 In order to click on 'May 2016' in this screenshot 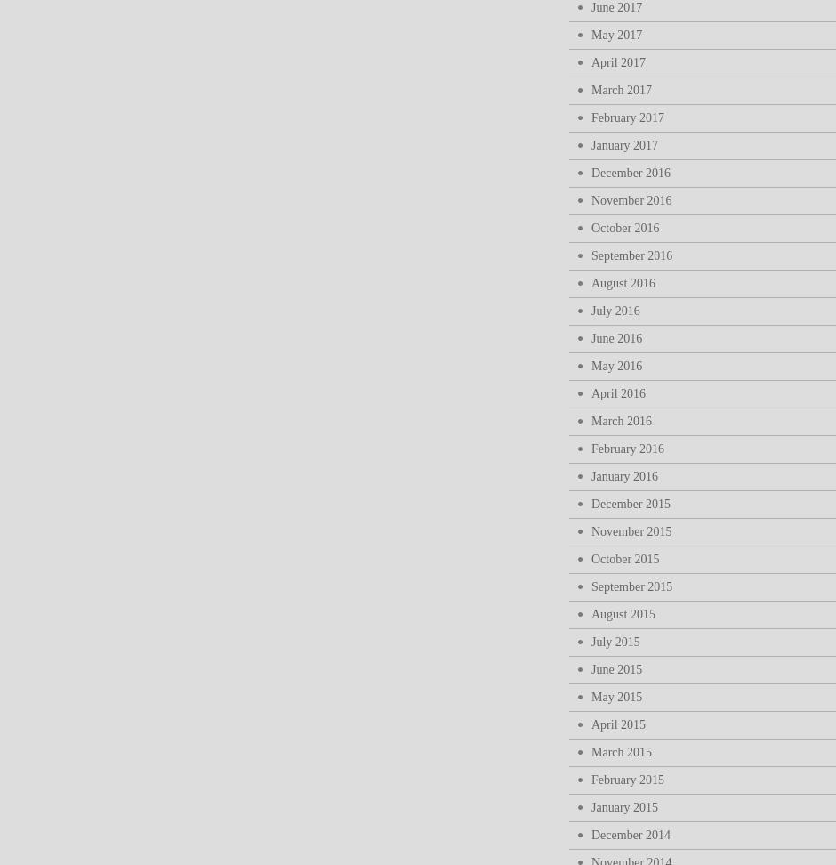, I will do `click(615, 366)`.